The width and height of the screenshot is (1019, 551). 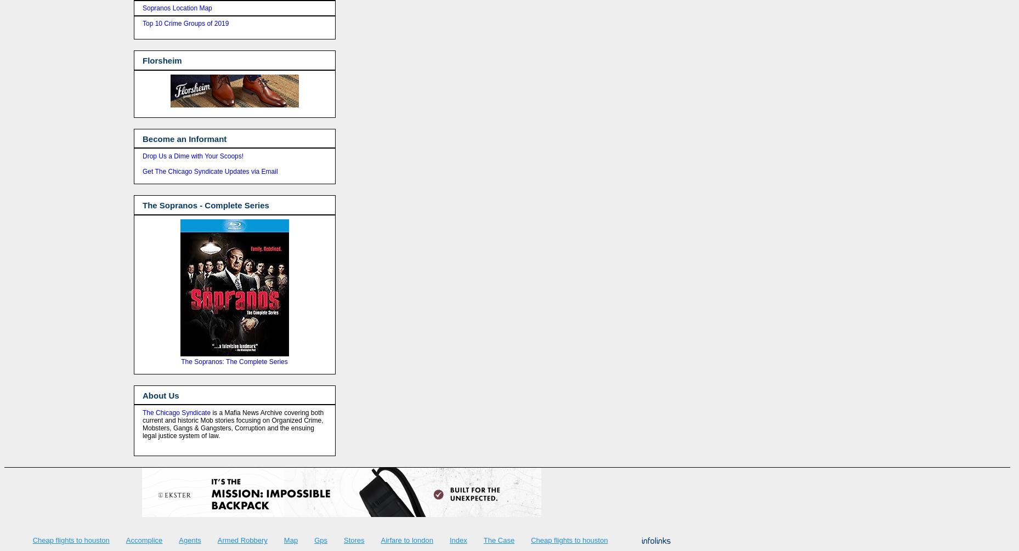 I want to click on 'About Us', so click(x=141, y=395).